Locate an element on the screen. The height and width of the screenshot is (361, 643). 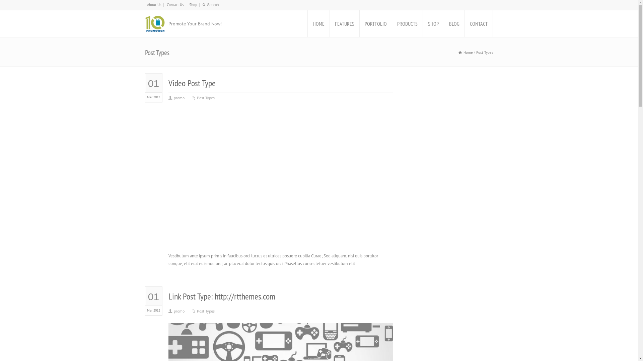
'About Us' is located at coordinates (153, 5).